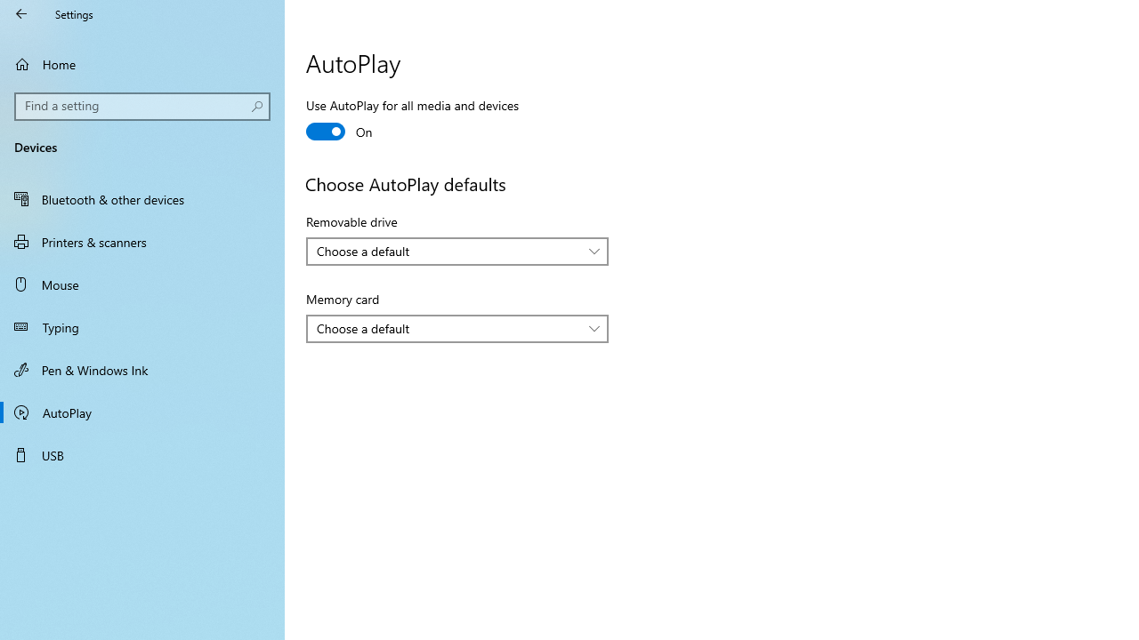 This screenshot has height=640, width=1139. What do you see at coordinates (142, 453) in the screenshot?
I see `'USB'` at bounding box center [142, 453].